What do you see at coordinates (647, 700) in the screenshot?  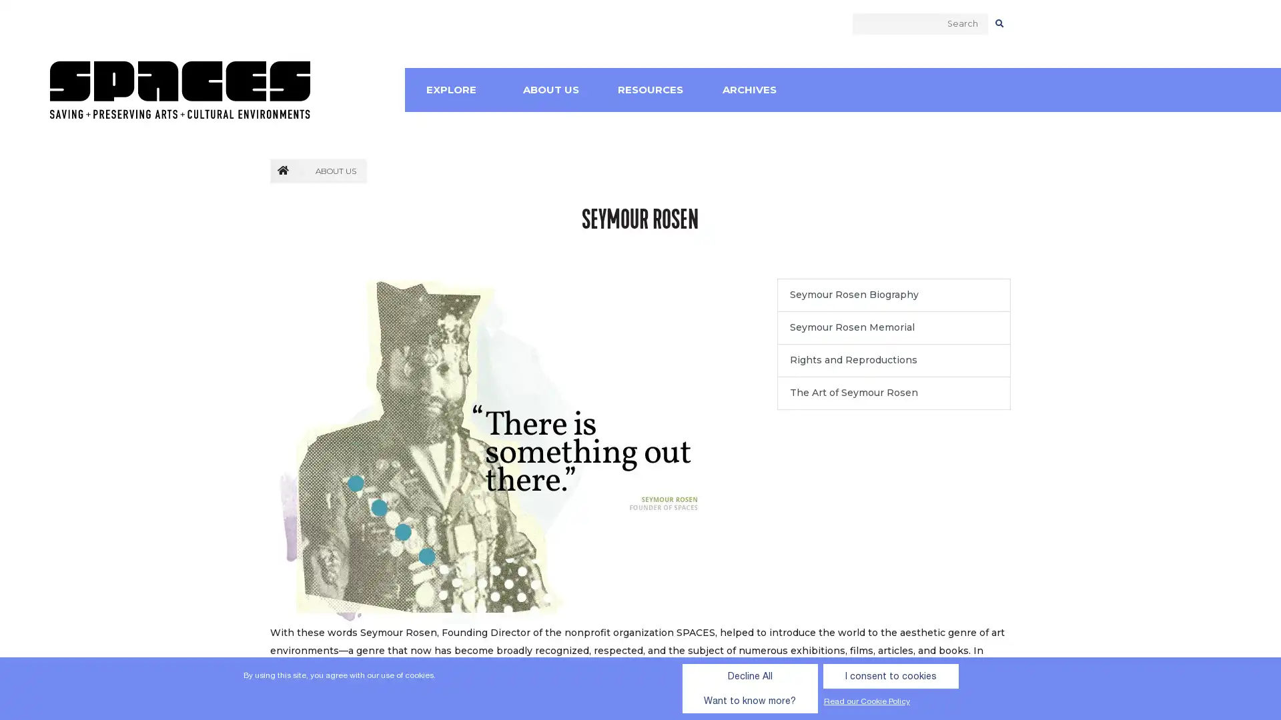 I see `Decline All` at bounding box center [647, 700].